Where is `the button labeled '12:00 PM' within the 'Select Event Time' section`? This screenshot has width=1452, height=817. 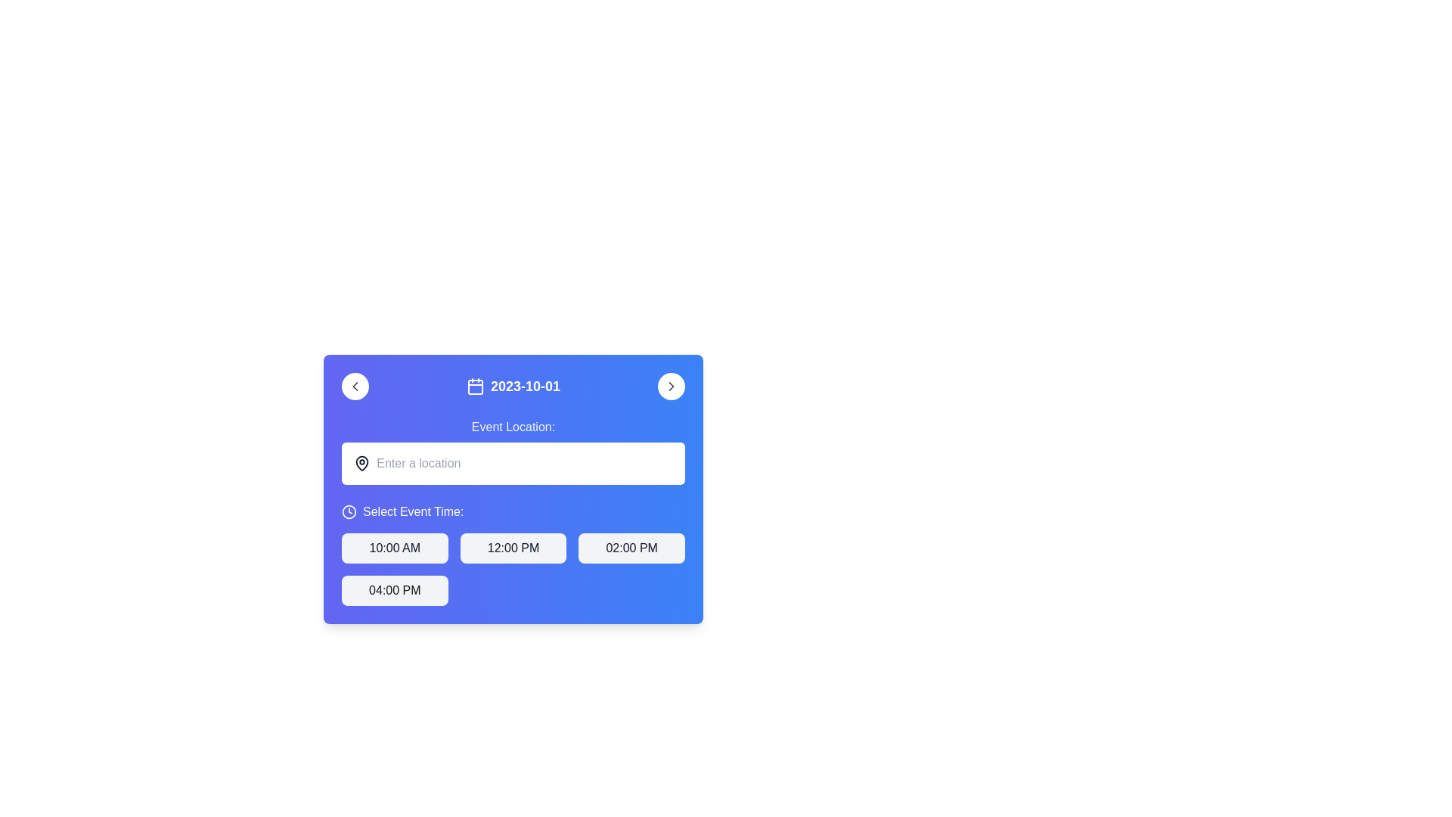 the button labeled '12:00 PM' within the 'Select Event Time' section is located at coordinates (513, 548).